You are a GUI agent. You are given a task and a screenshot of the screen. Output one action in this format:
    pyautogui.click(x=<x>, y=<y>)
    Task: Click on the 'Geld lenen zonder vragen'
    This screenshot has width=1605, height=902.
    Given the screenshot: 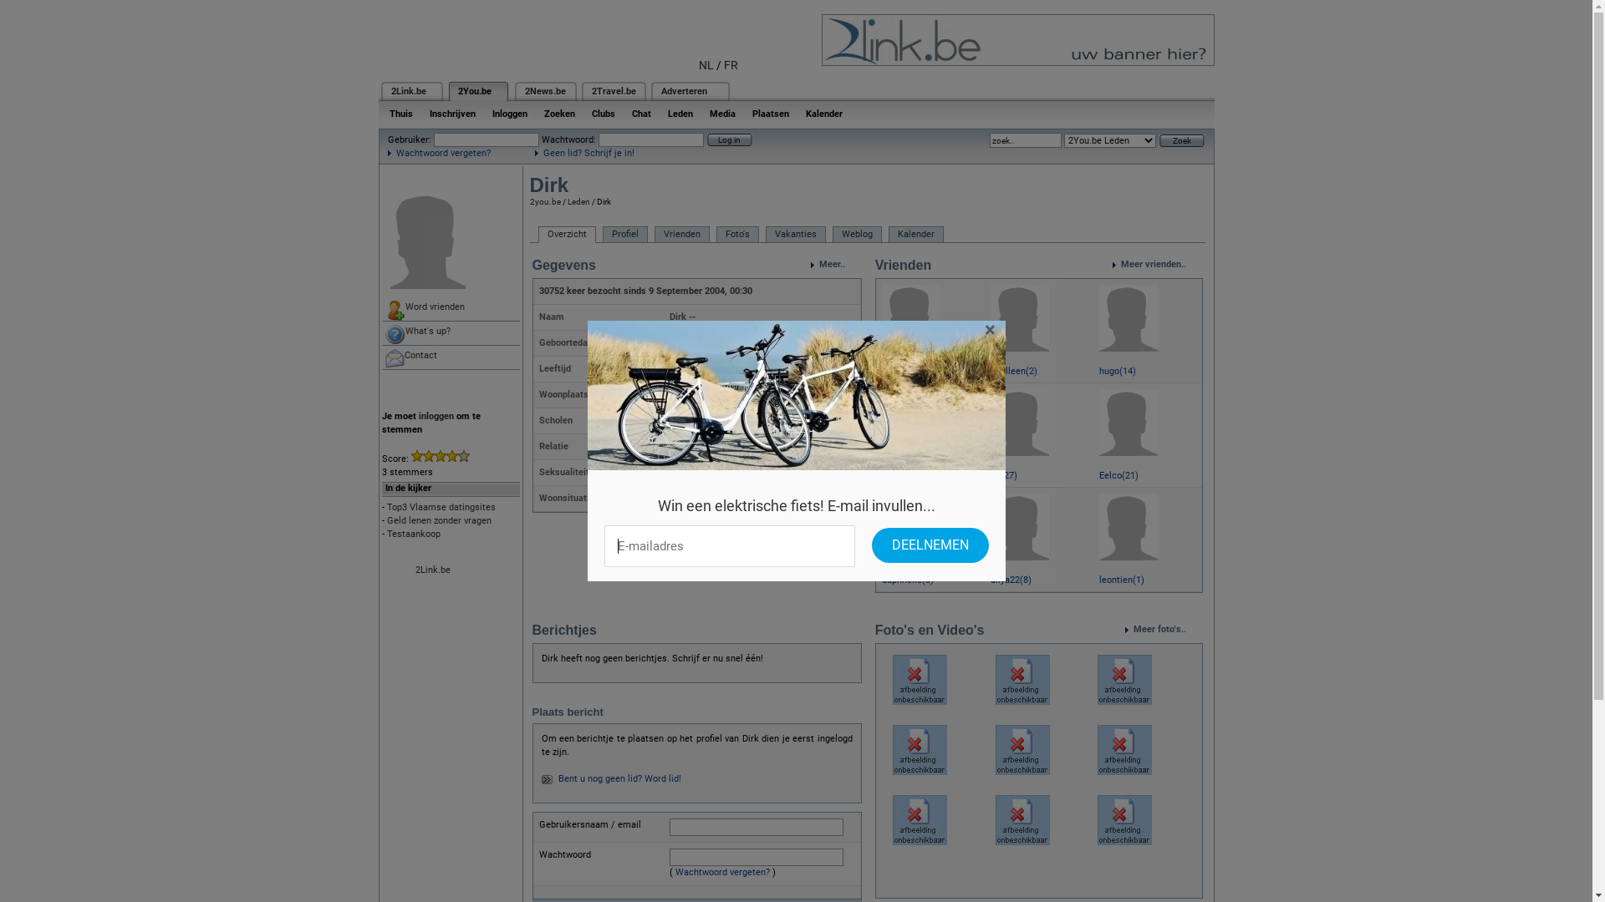 What is the action you would take?
    pyautogui.click(x=438, y=519)
    